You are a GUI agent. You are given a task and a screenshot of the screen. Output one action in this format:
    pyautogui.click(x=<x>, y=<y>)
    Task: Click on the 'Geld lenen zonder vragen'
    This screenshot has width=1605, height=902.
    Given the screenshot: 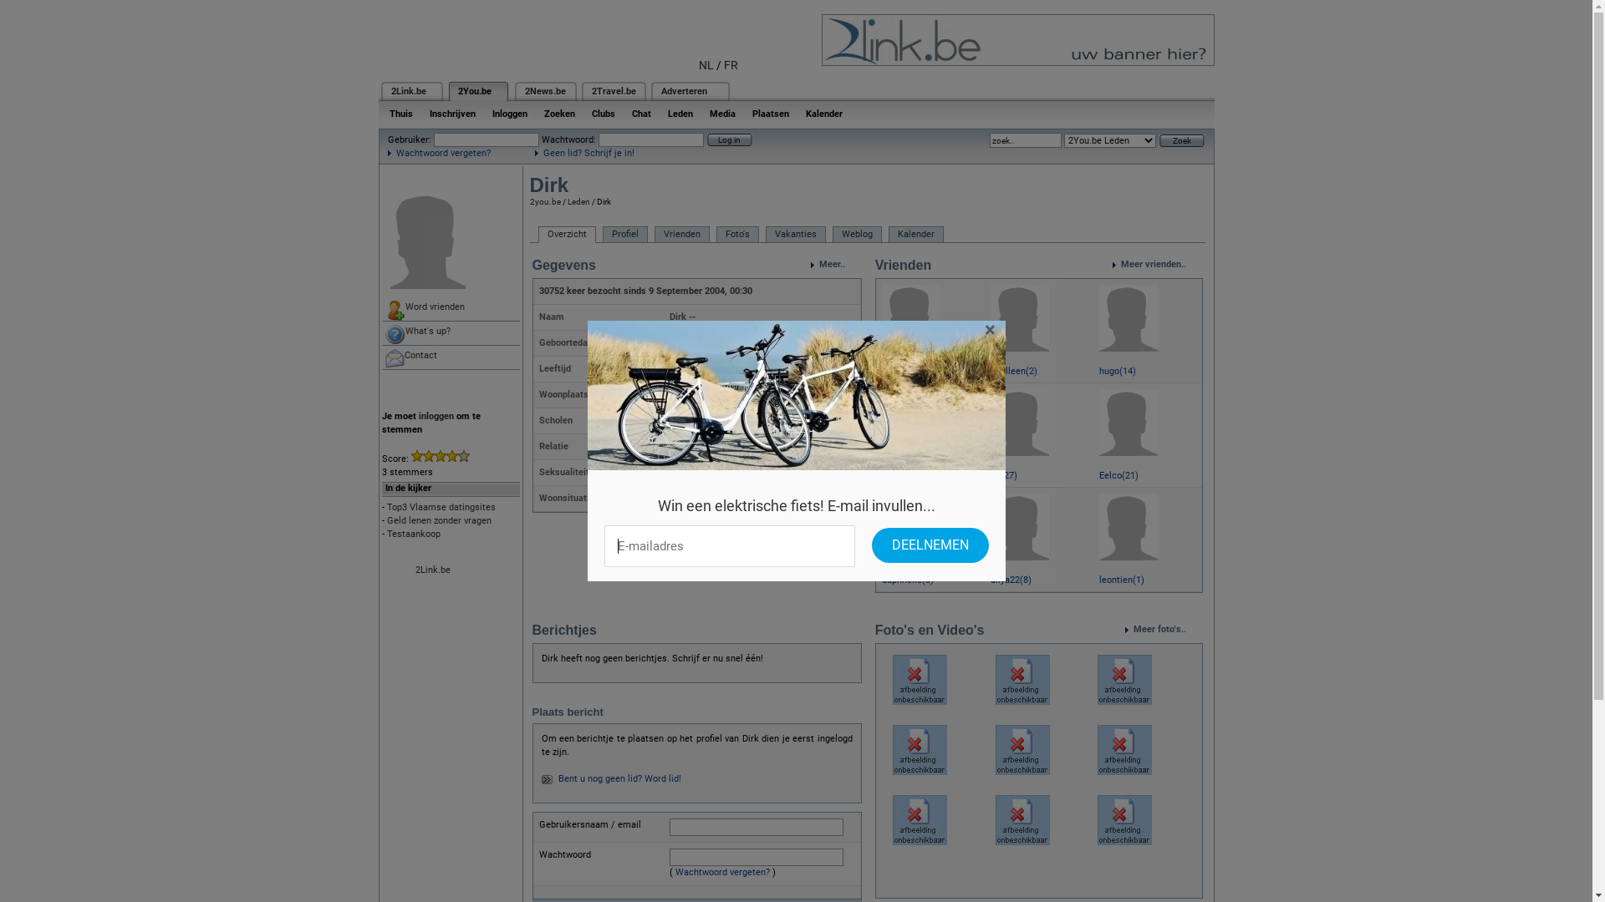 What is the action you would take?
    pyautogui.click(x=438, y=519)
    